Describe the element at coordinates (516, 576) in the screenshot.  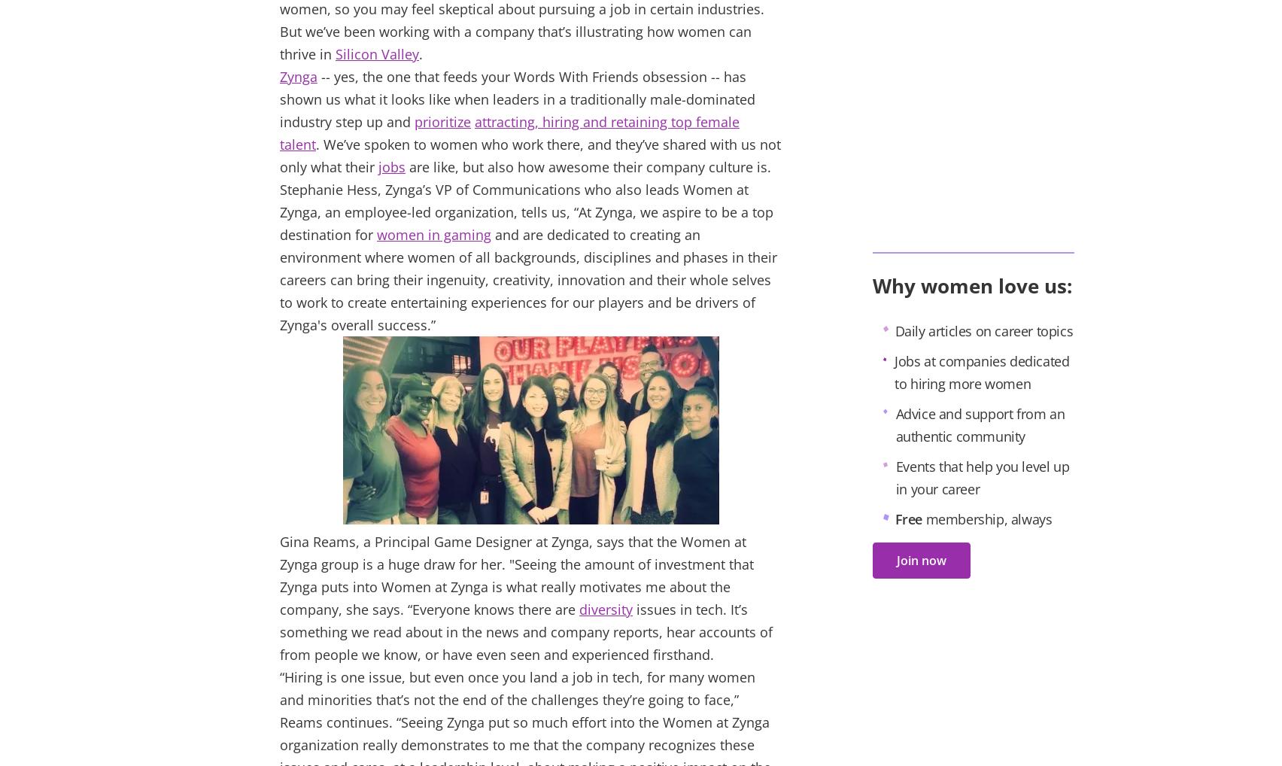
I see `'Gina Reams, a Principal Game Designer at Zynga, says that the Women at Zynga group is a huge draw for her. "Seeing the amount of investment that Zynga puts into Women at Zynga is what really motivates me about the company, she says. “Everyone knows there are'` at that location.